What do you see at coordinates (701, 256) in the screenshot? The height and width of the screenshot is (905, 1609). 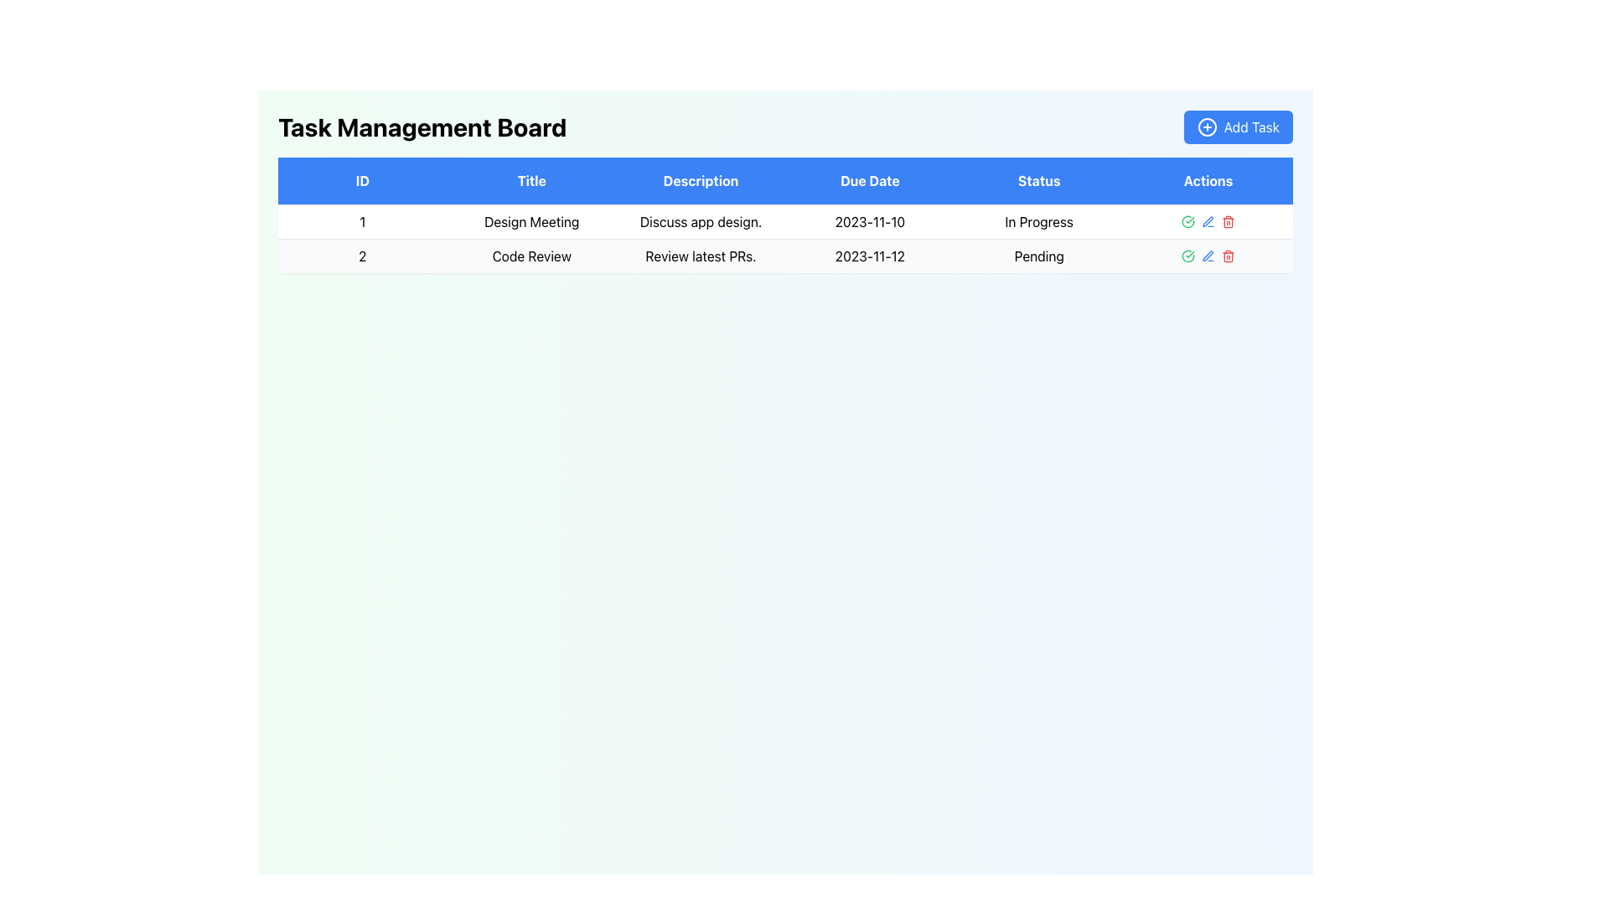 I see `the Static Text Label that describes the code review task, located in the second row under the 'Description' column, between 'Code Review' on the left and '2023-11-12' on the right` at bounding box center [701, 256].